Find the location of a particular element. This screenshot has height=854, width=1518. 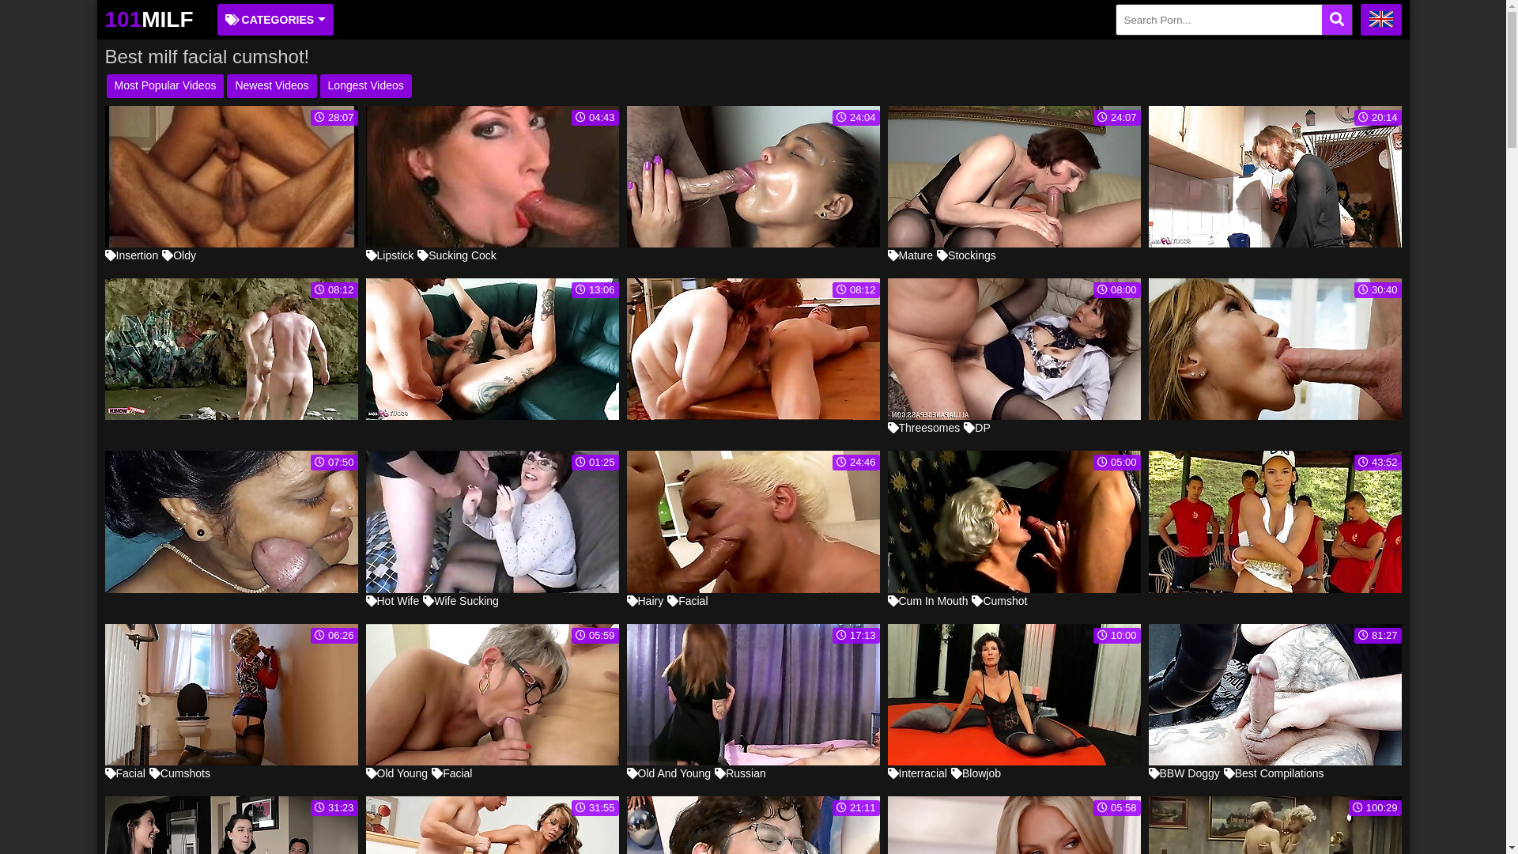

'Hairy' is located at coordinates (644, 600).